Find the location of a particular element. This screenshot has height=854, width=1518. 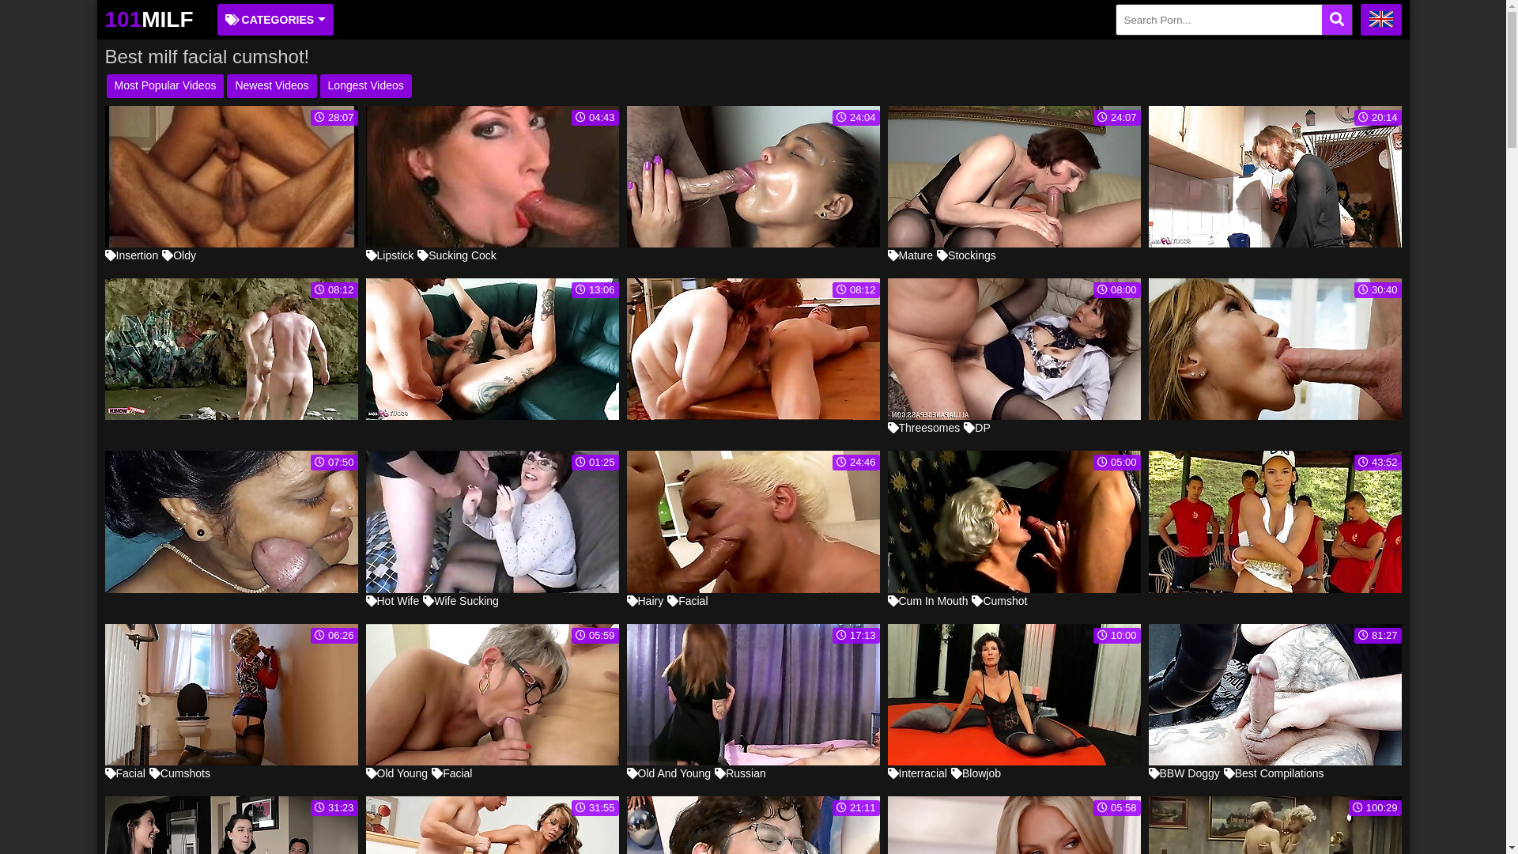

'Hairy' is located at coordinates (644, 600).